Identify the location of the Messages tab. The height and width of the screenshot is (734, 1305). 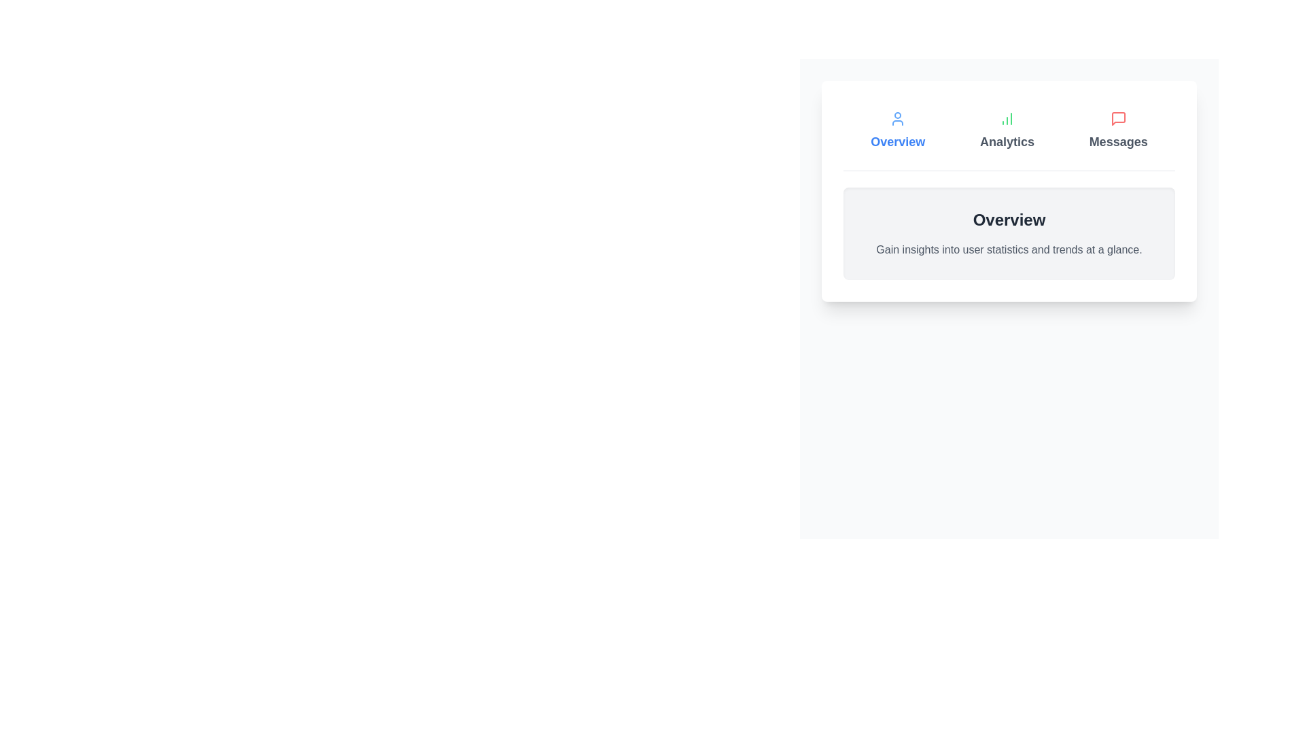
(1118, 130).